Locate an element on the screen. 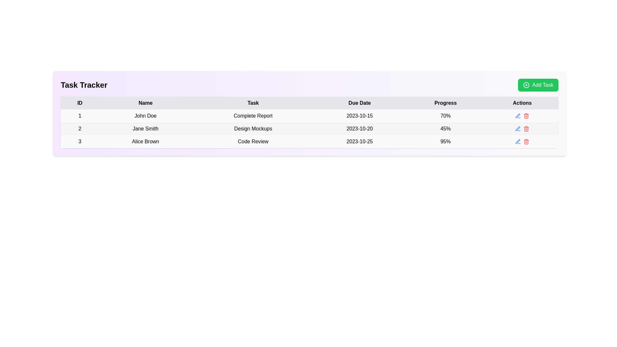 The height and width of the screenshot is (347, 617). the centered text label displaying 'Due Date' in bold font style, located in the fourth column of the table header, between 'Task' and 'Progress' is located at coordinates (359, 102).